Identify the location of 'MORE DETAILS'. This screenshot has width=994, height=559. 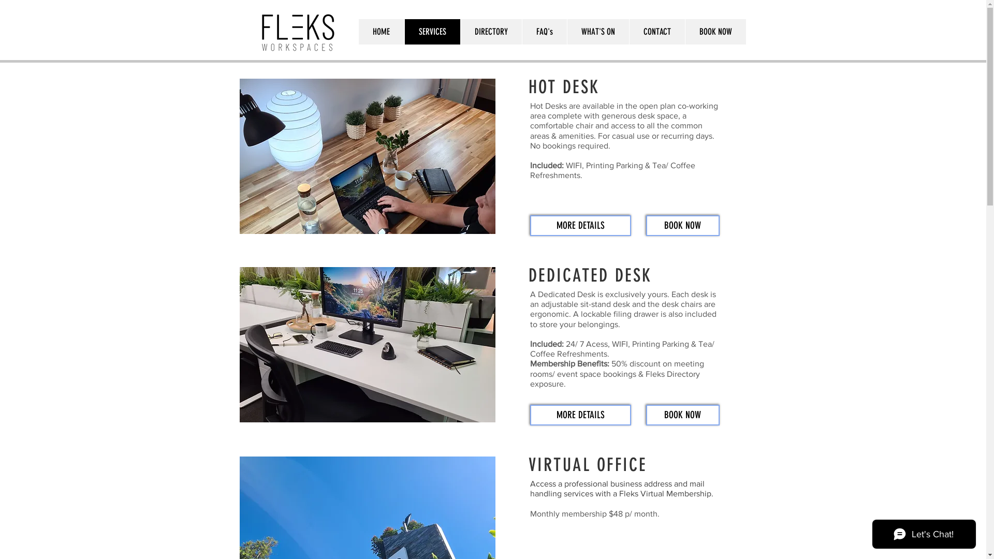
(580, 225).